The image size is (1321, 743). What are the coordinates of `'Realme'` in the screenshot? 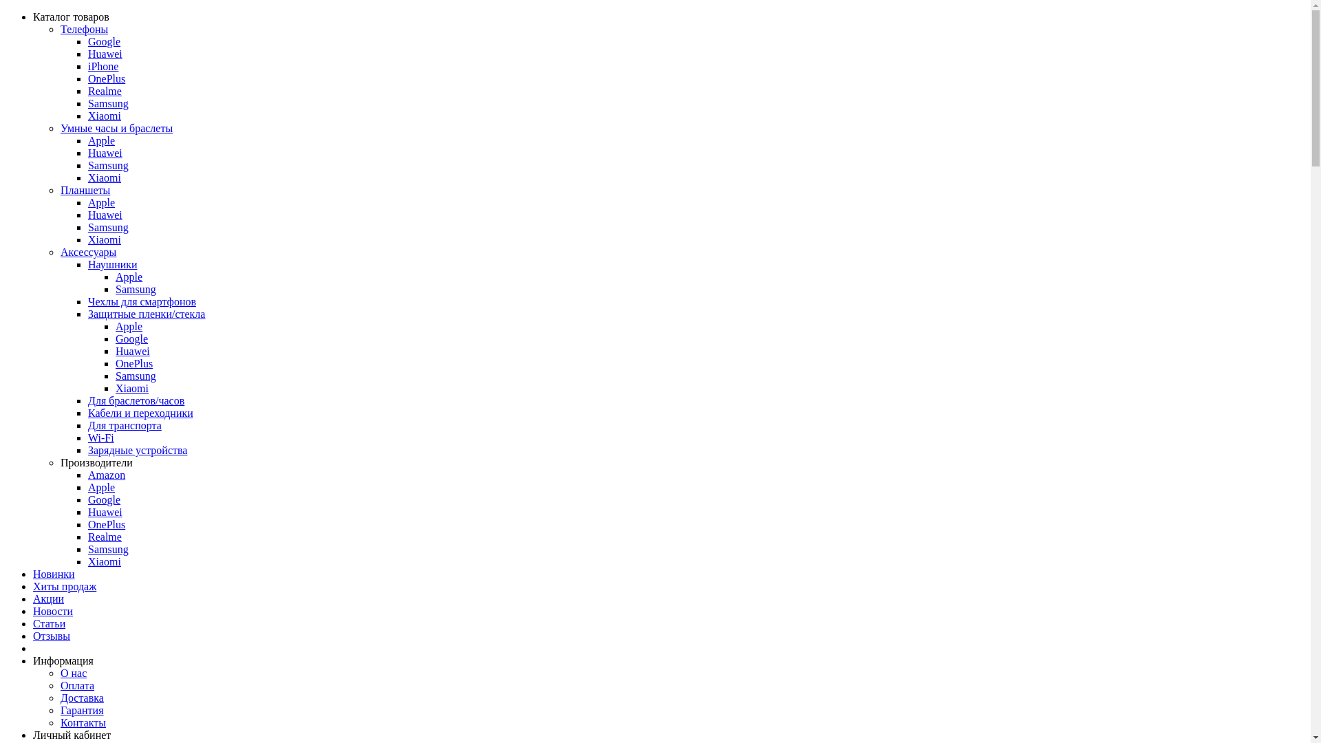 It's located at (104, 91).